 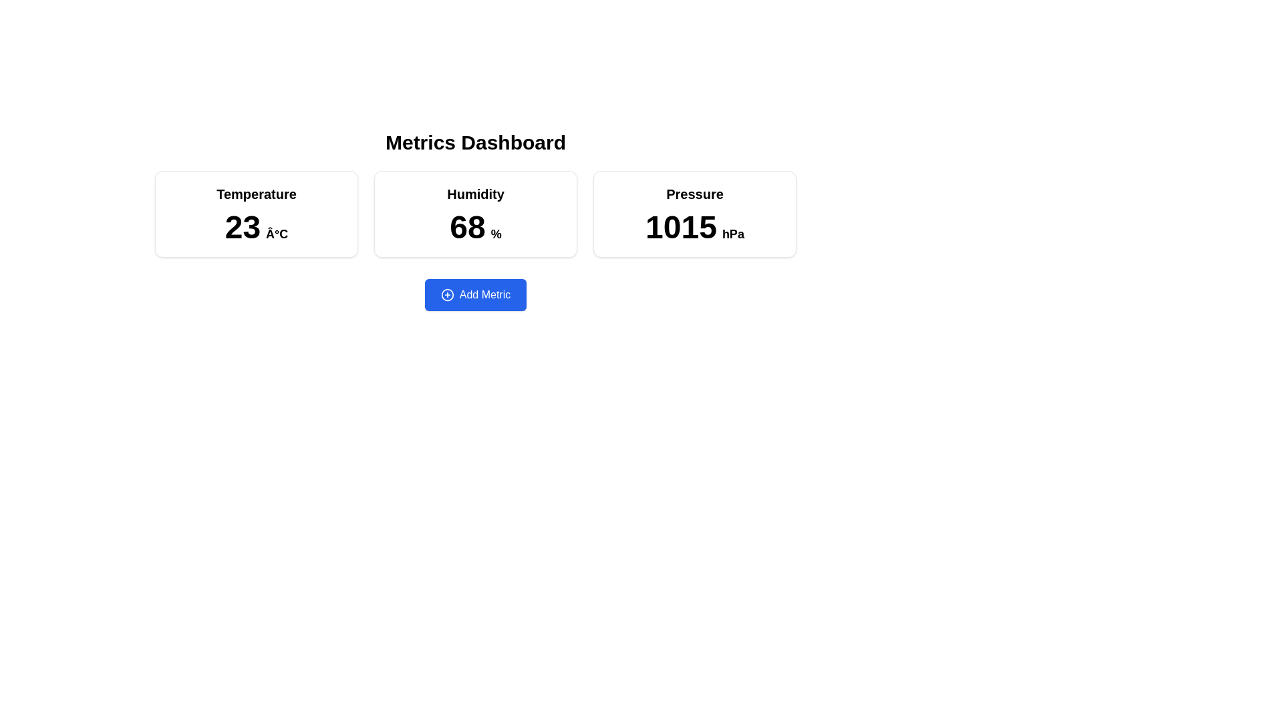 What do you see at coordinates (475, 294) in the screenshot?
I see `the blue button labeled 'Add Metric' with a plus icon` at bounding box center [475, 294].